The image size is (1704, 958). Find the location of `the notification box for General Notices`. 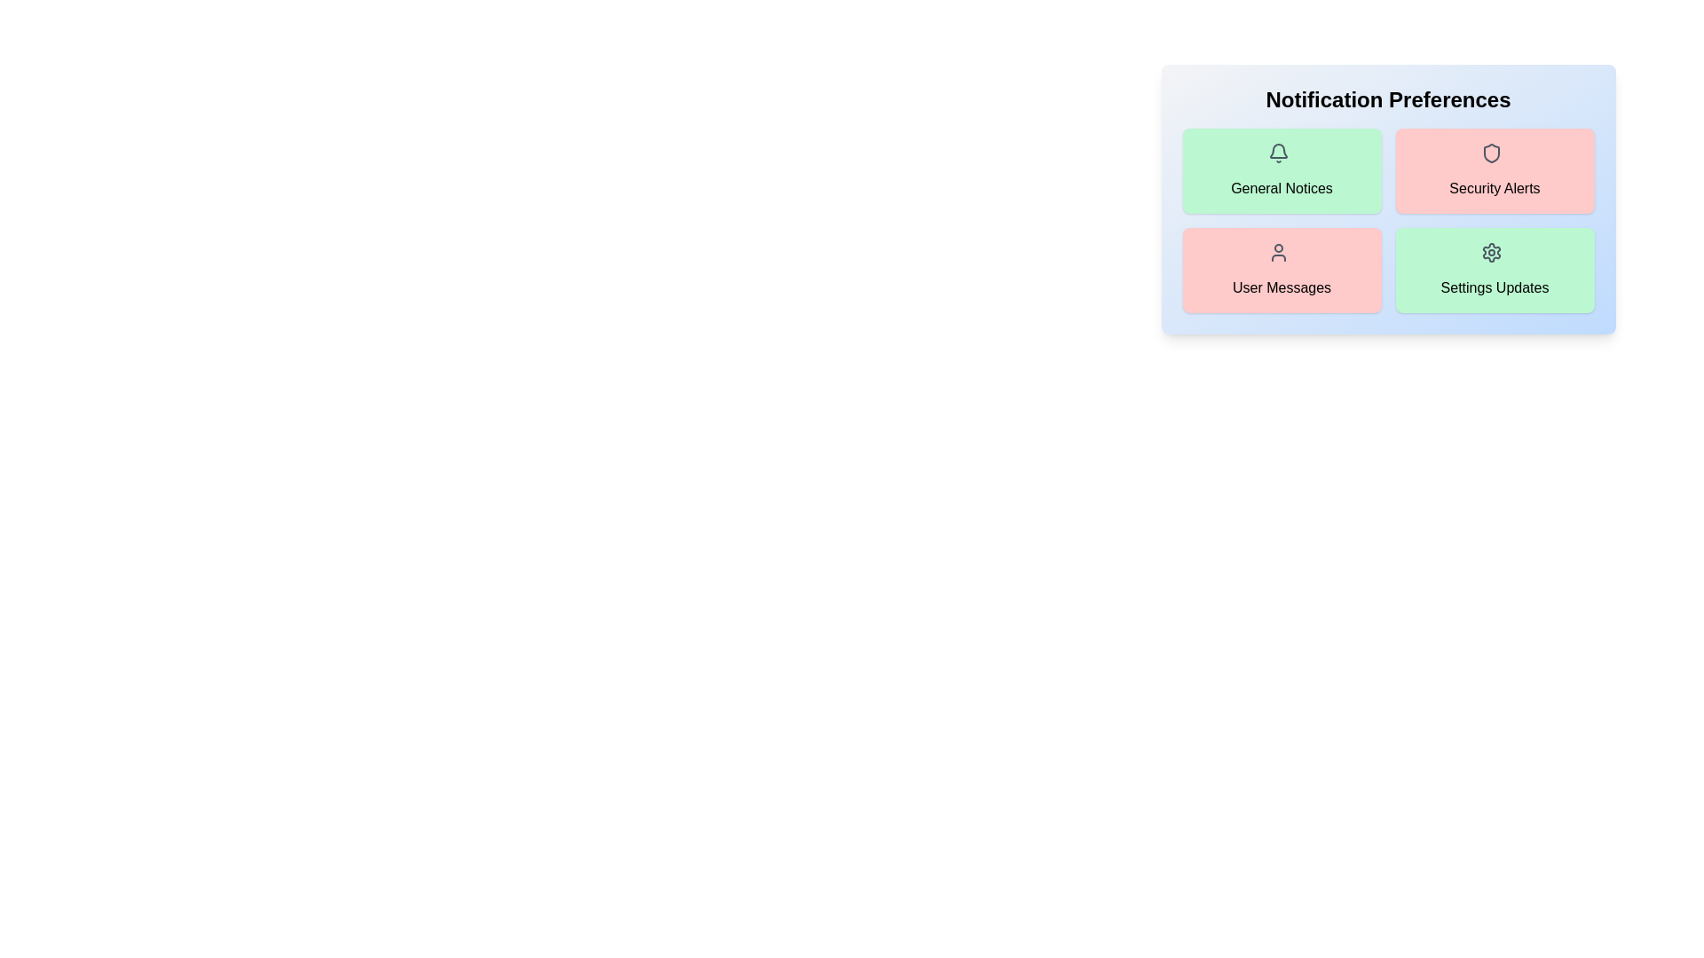

the notification box for General Notices is located at coordinates (1282, 170).